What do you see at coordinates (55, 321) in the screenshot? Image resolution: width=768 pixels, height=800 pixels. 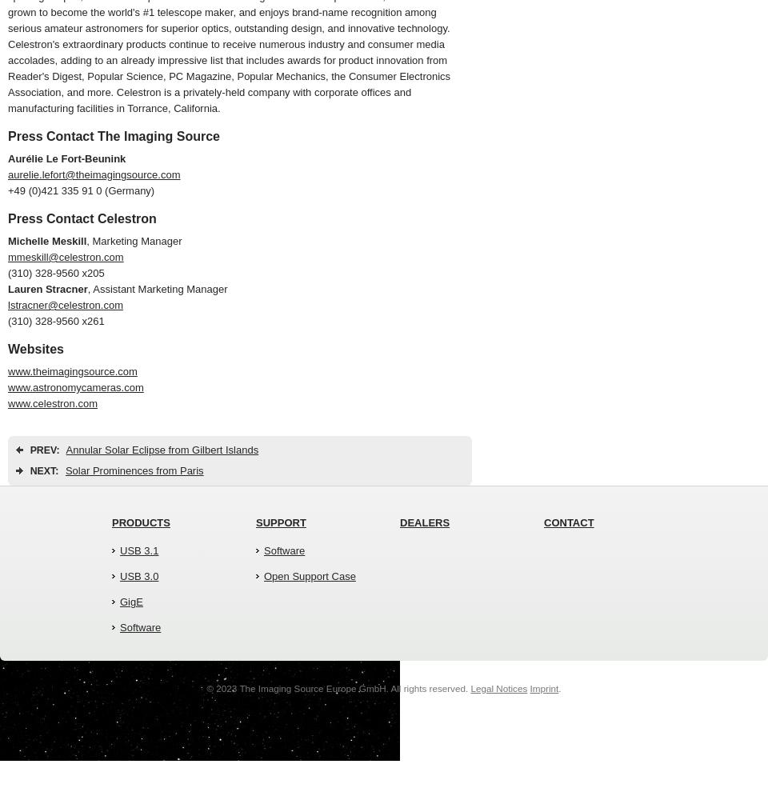 I see `'(310) 328-9560 x261'` at bounding box center [55, 321].